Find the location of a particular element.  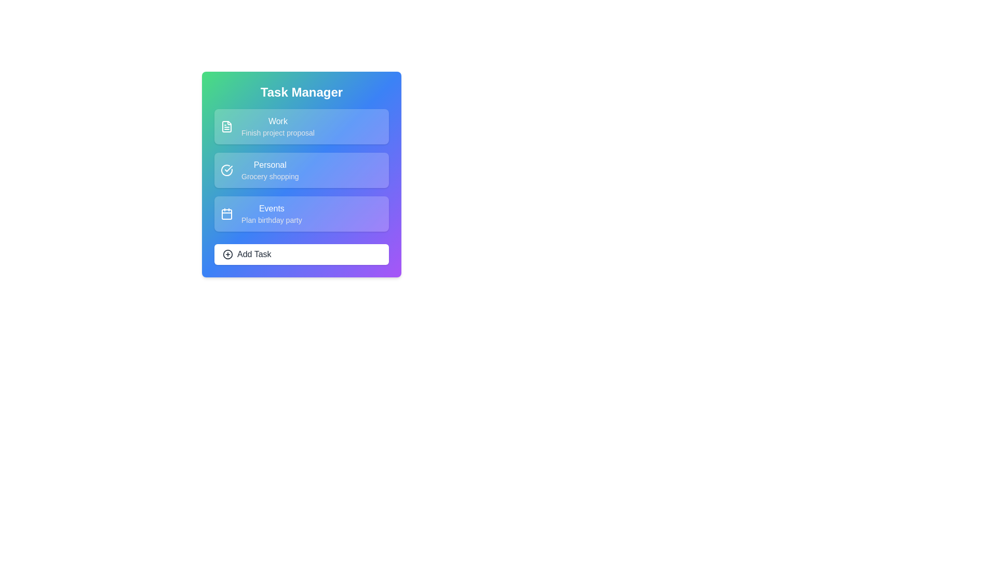

the 'Add Task' button to add a new task is located at coordinates (301, 254).